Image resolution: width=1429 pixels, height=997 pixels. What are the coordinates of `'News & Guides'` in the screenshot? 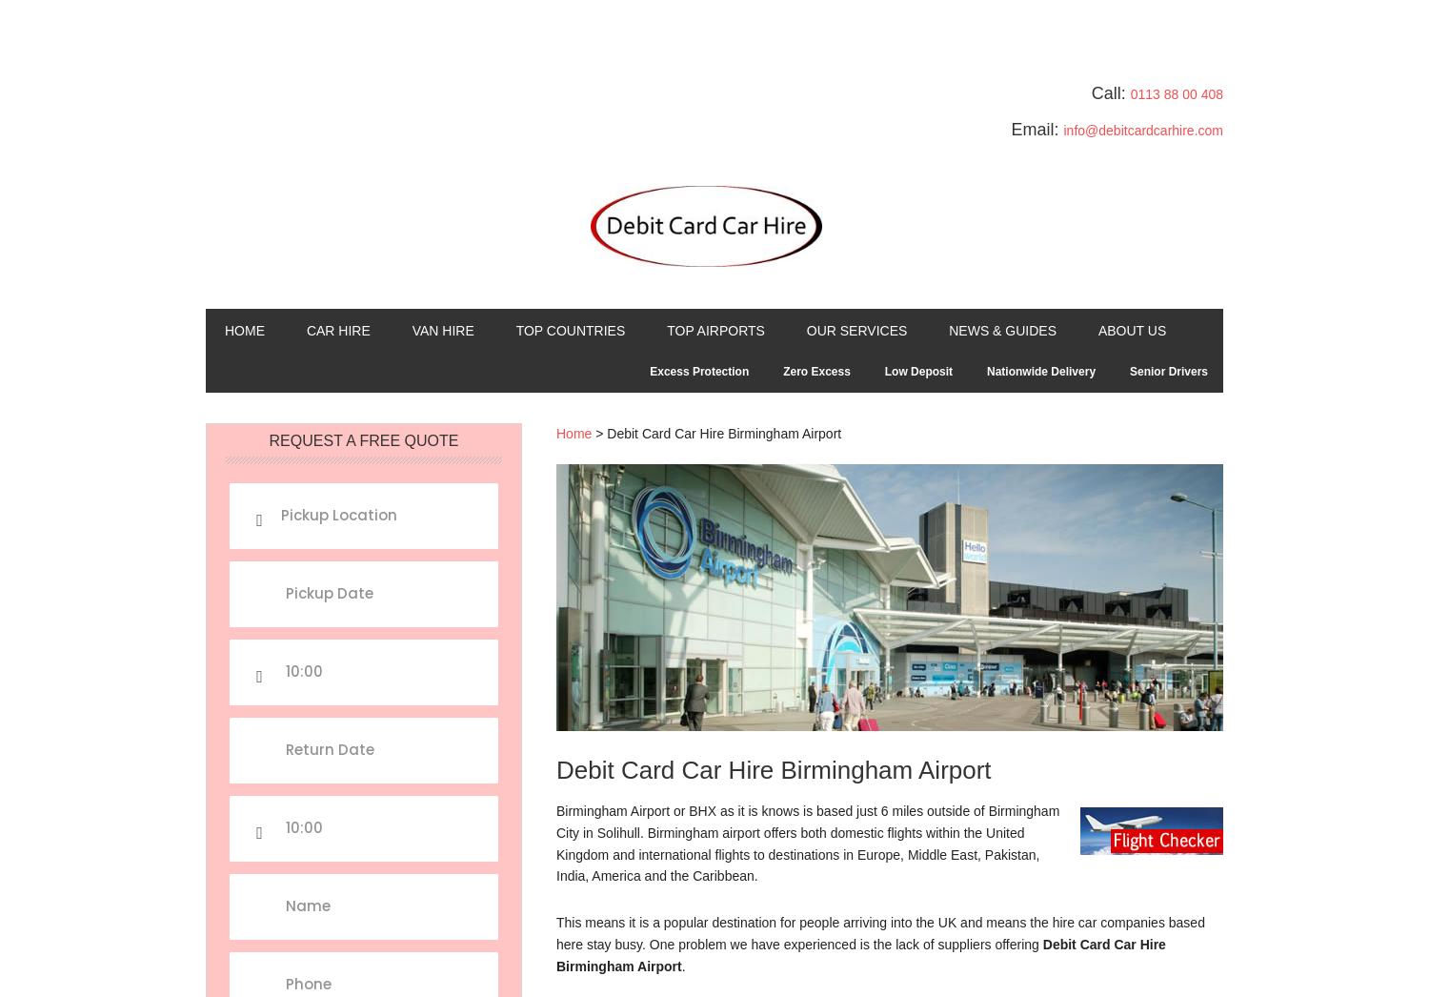 It's located at (1002, 329).